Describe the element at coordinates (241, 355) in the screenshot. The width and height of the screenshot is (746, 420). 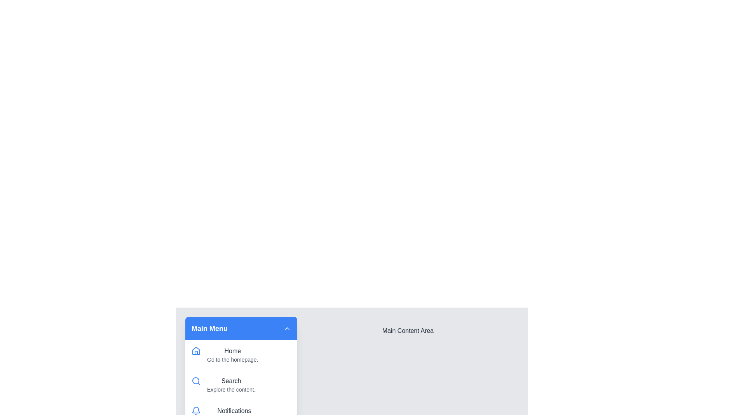
I see `the menu item Home to navigate or view details` at that location.